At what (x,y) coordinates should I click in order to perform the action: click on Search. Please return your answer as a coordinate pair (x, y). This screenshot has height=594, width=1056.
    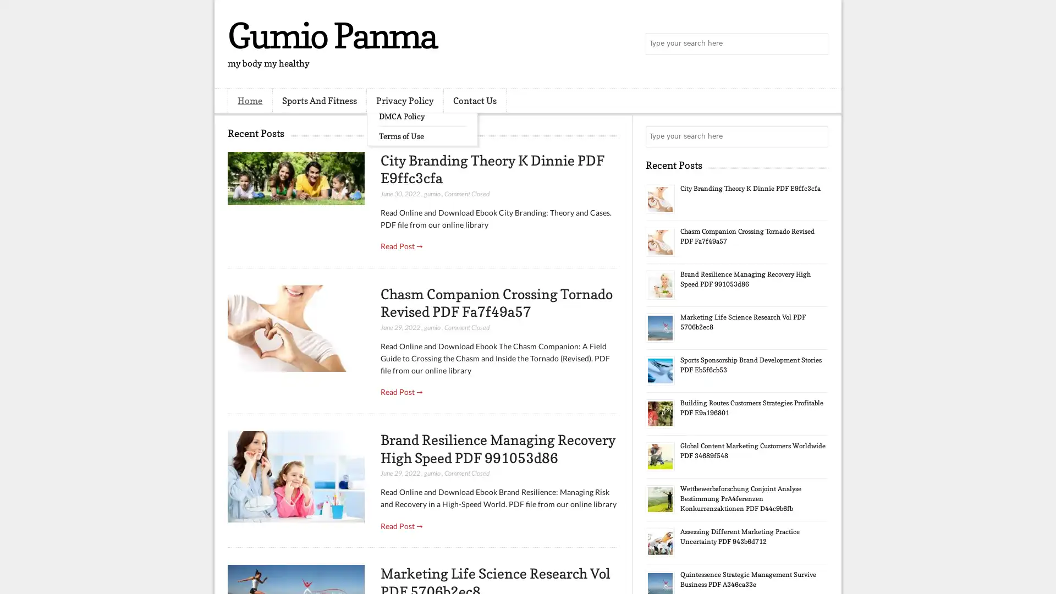
    Looking at the image, I should click on (817, 136).